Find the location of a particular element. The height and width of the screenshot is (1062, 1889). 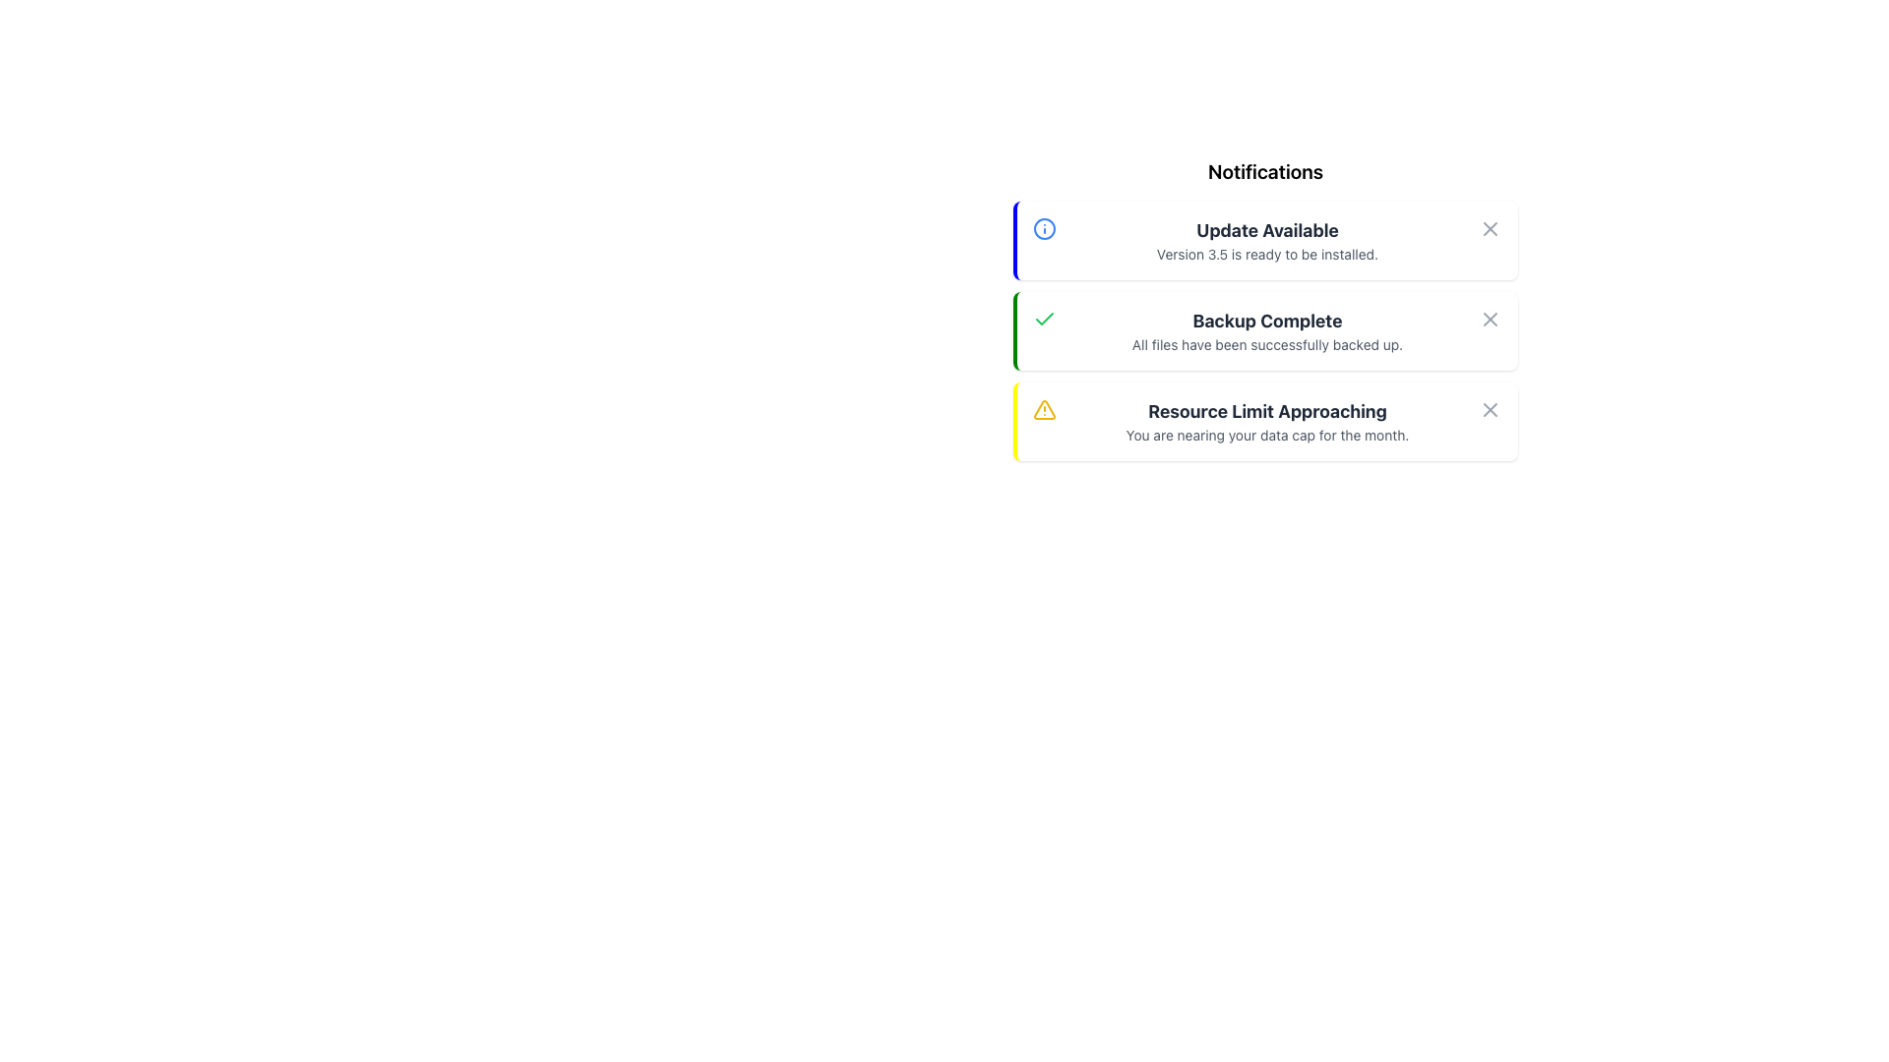

the notification text block that displays 'Update Available' is located at coordinates (1267, 240).